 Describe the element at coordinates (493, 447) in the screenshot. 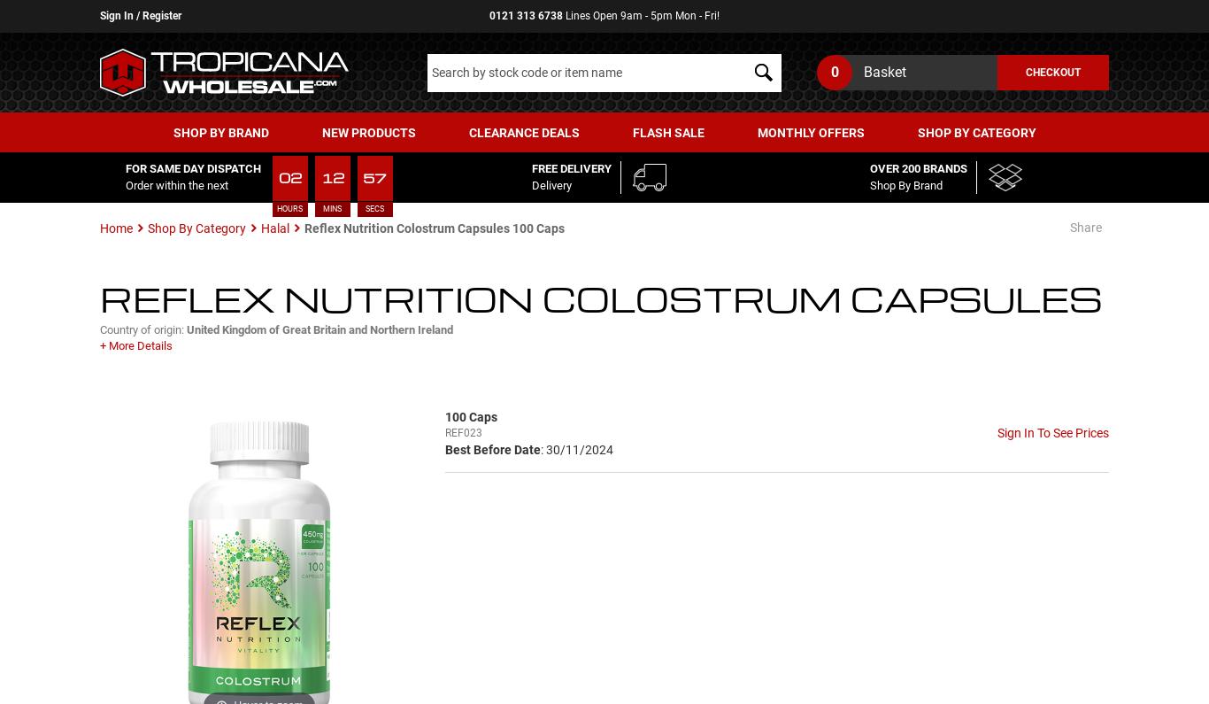

I see `'Best Before Date'` at that location.